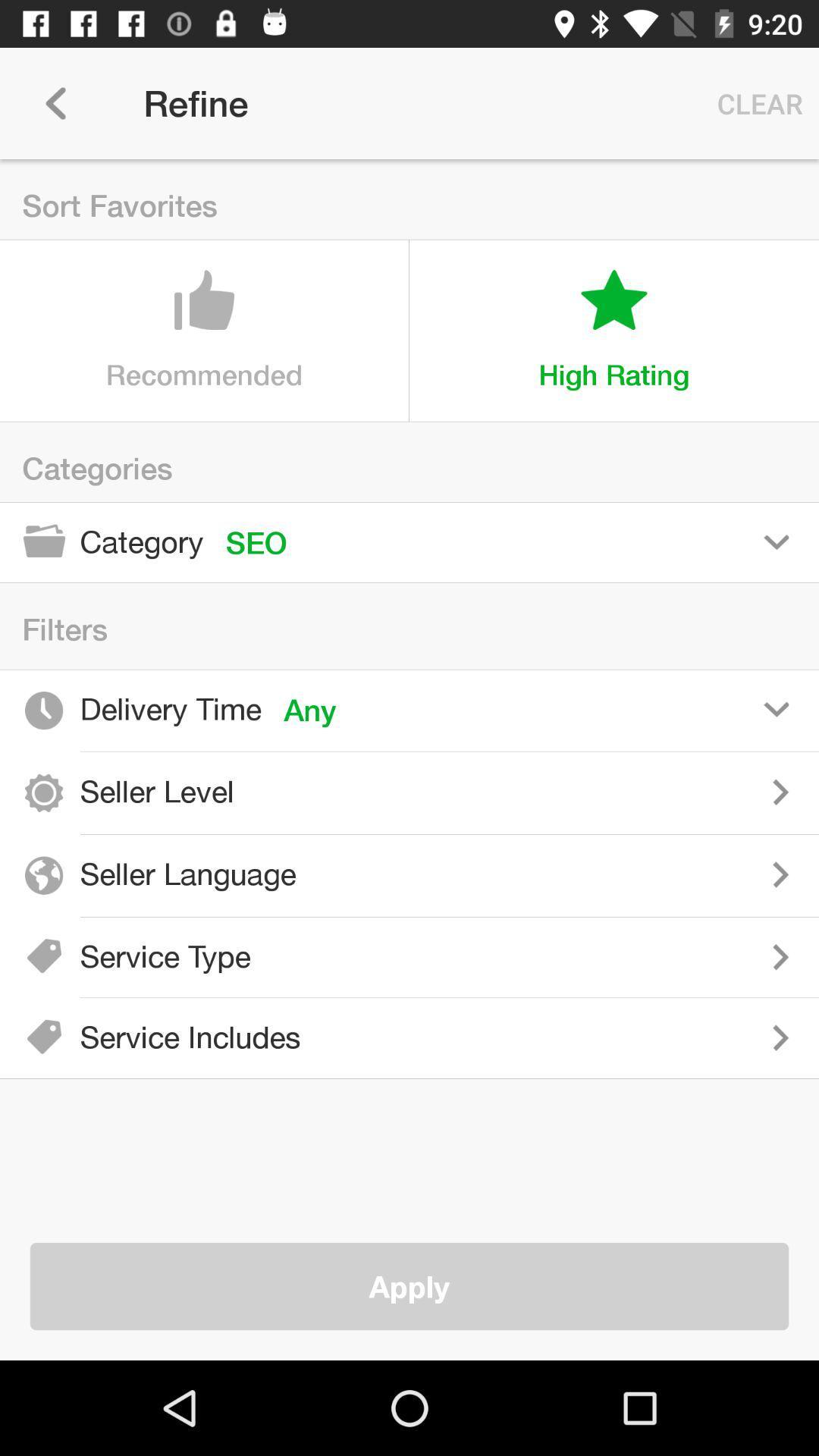 The image size is (819, 1456). Describe the element at coordinates (537, 791) in the screenshot. I see `click for information` at that location.